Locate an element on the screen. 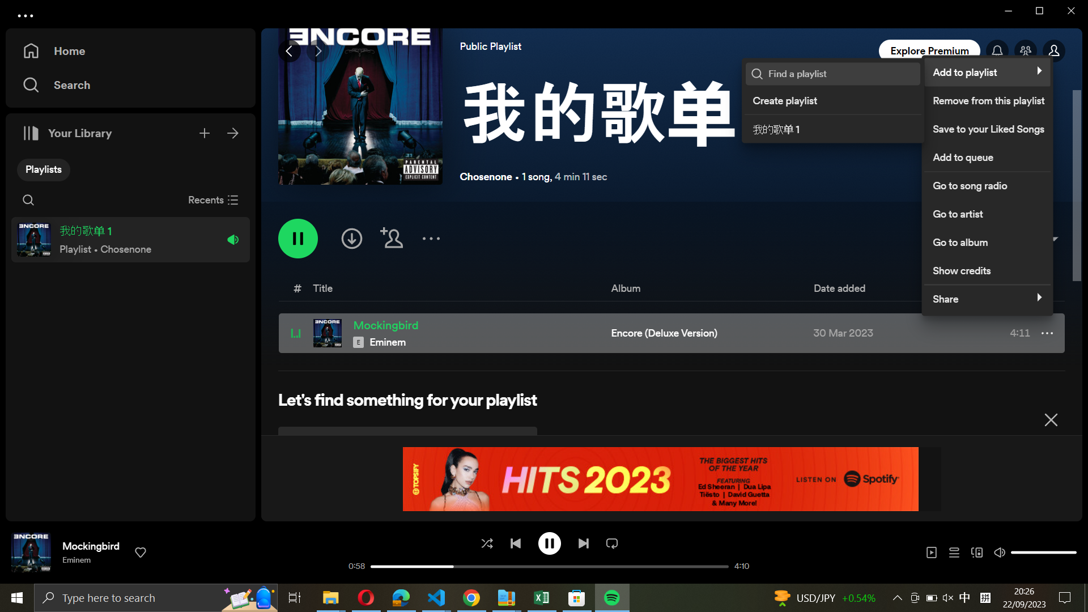 The width and height of the screenshot is (1088, 612). shuffle operation on playlist is located at coordinates (486, 542).